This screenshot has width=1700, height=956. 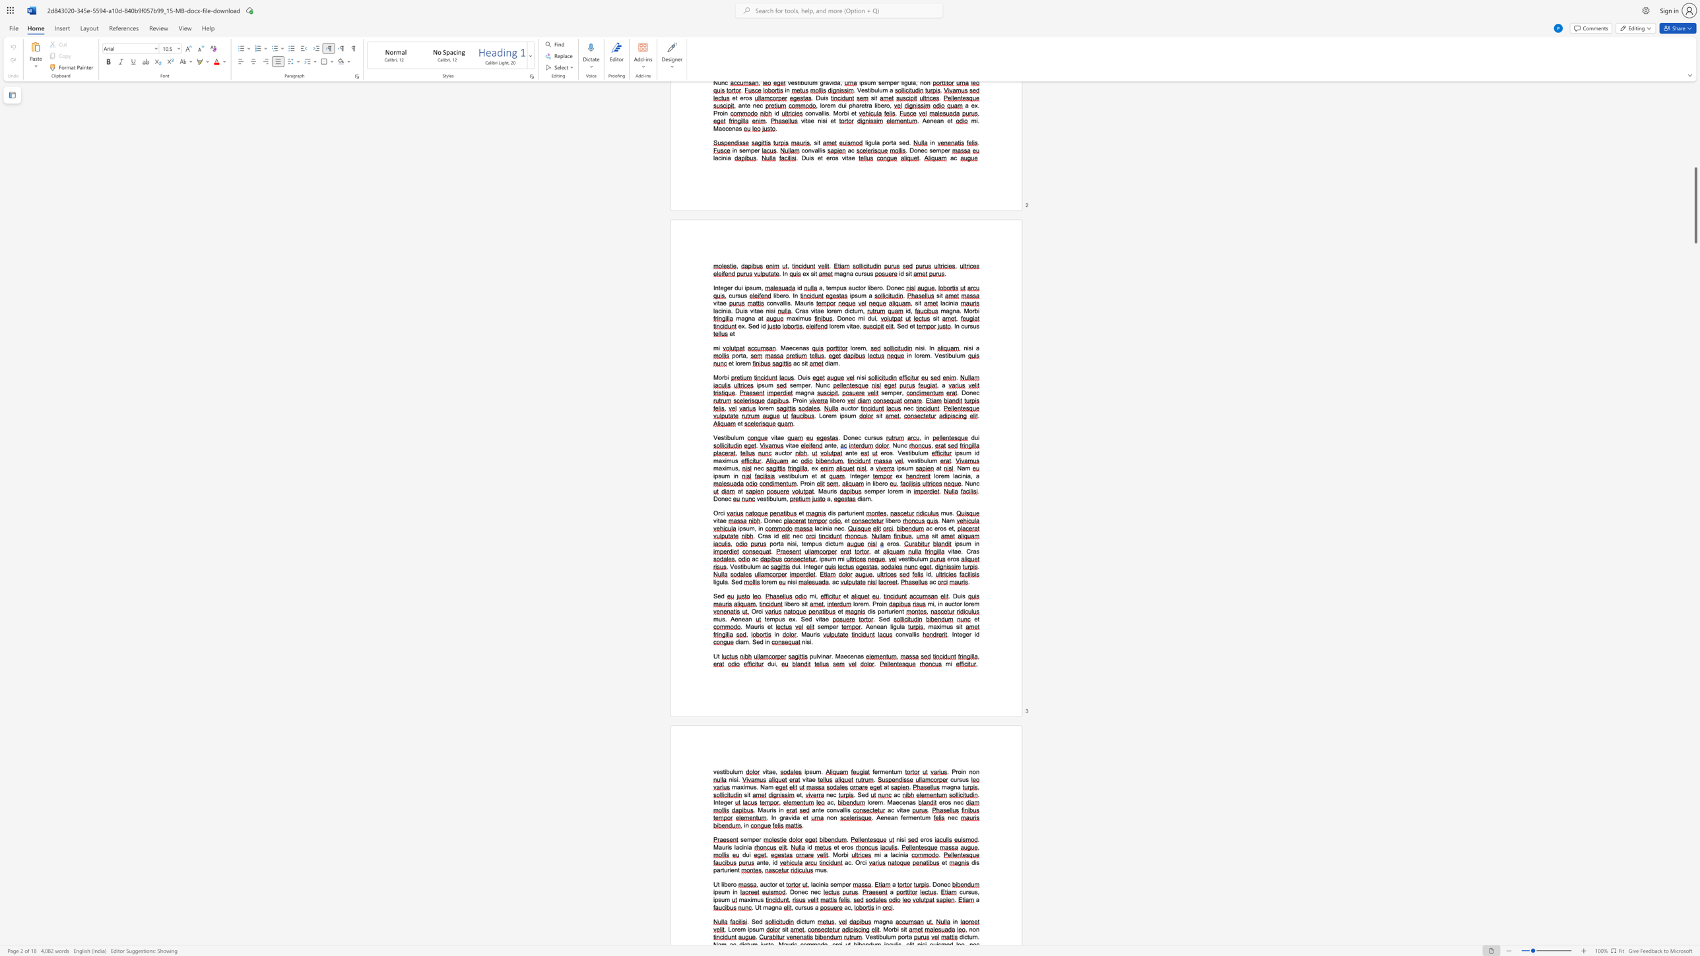 I want to click on the space between the continuous character "i" and "b" in the text, so click(x=911, y=559).